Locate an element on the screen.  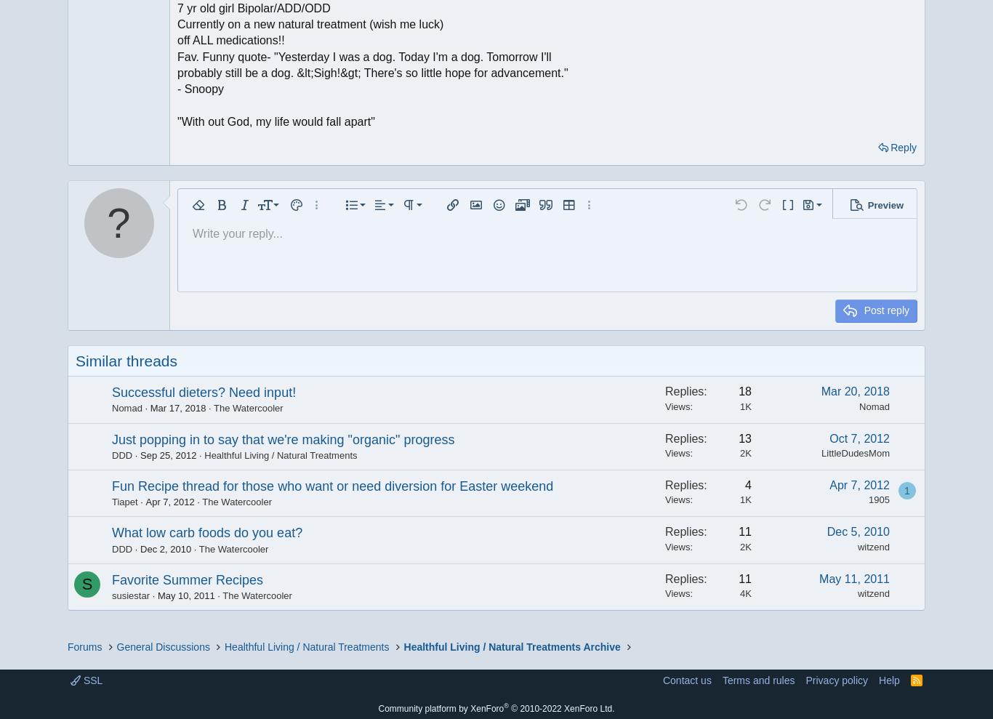
'Dec 5, 2010' is located at coordinates (858, 531).